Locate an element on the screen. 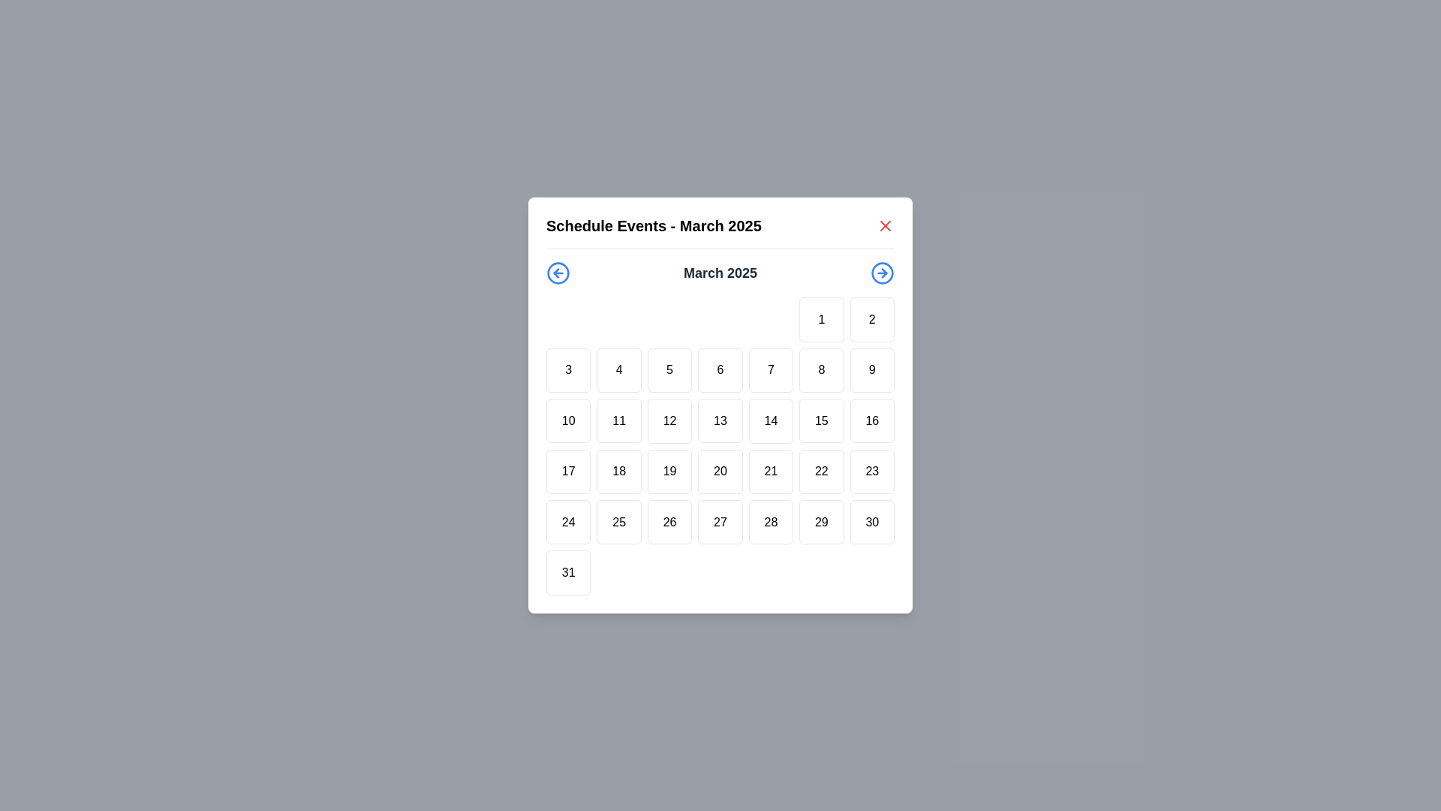 Image resolution: width=1441 pixels, height=811 pixels. the close icon button located at the far right of the header bar, next to the 'Schedule Events - March 2025' text, to provide visual feedback indicating interactivity is located at coordinates (886, 225).